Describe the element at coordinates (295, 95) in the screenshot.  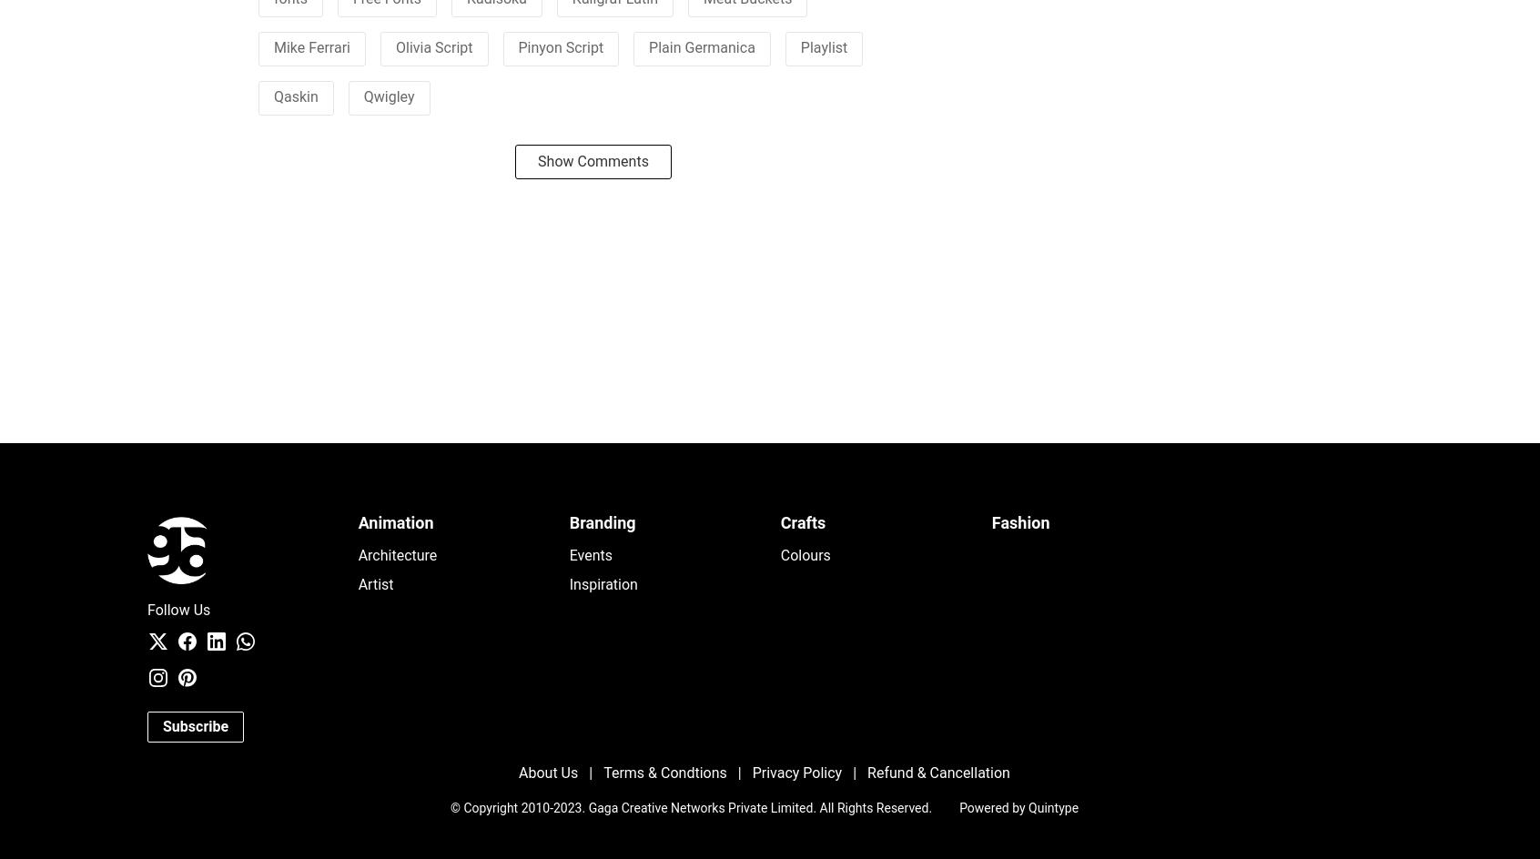
I see `'Qaskin'` at that location.